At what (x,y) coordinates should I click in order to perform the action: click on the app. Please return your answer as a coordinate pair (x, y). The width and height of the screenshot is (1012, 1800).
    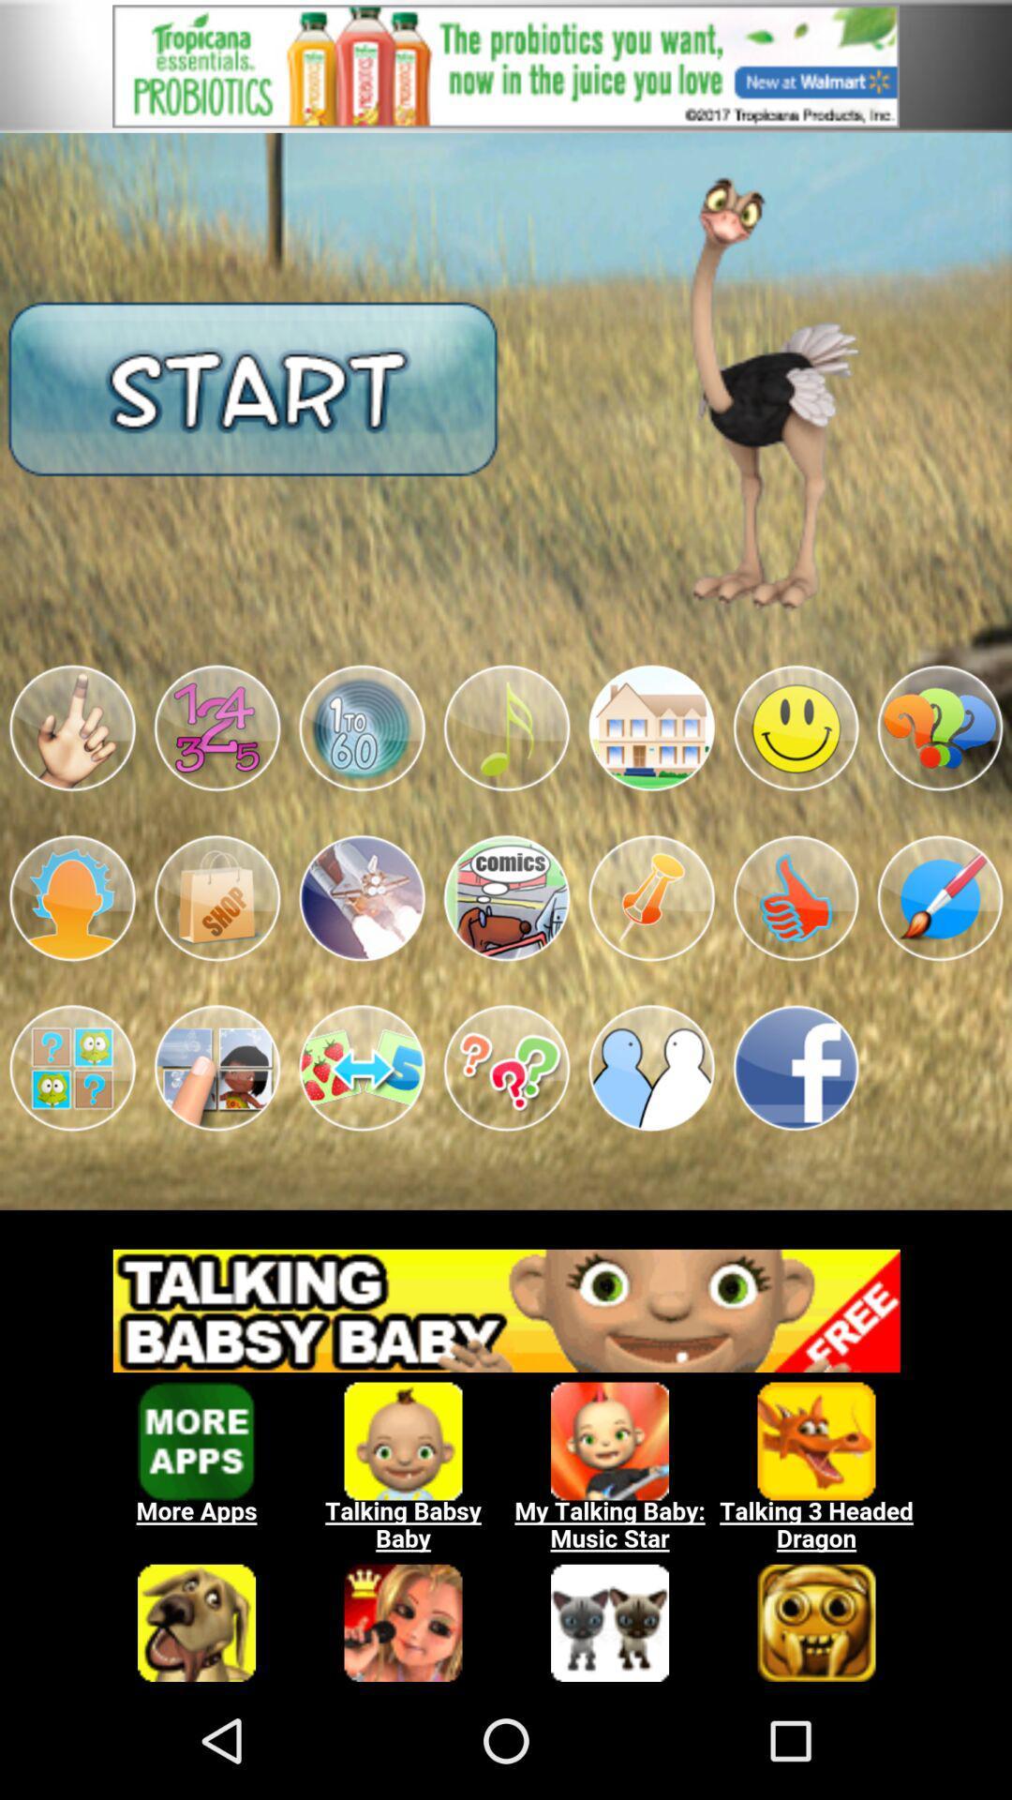
    Looking at the image, I should click on (650, 897).